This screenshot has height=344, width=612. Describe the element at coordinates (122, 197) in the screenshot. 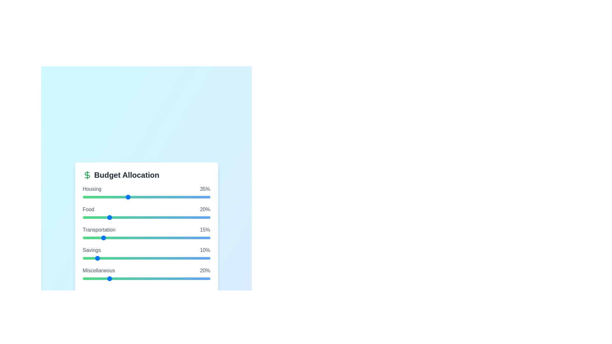

I see `the slider for a specific budget category to 31%` at that location.